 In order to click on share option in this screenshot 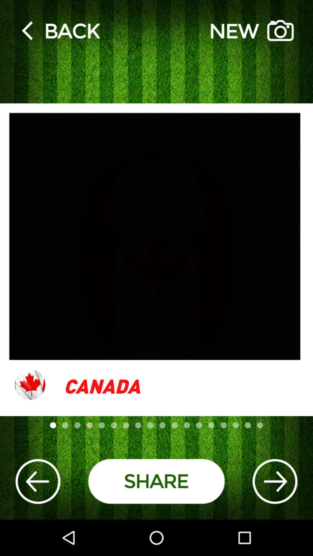, I will do `click(156, 481)`.